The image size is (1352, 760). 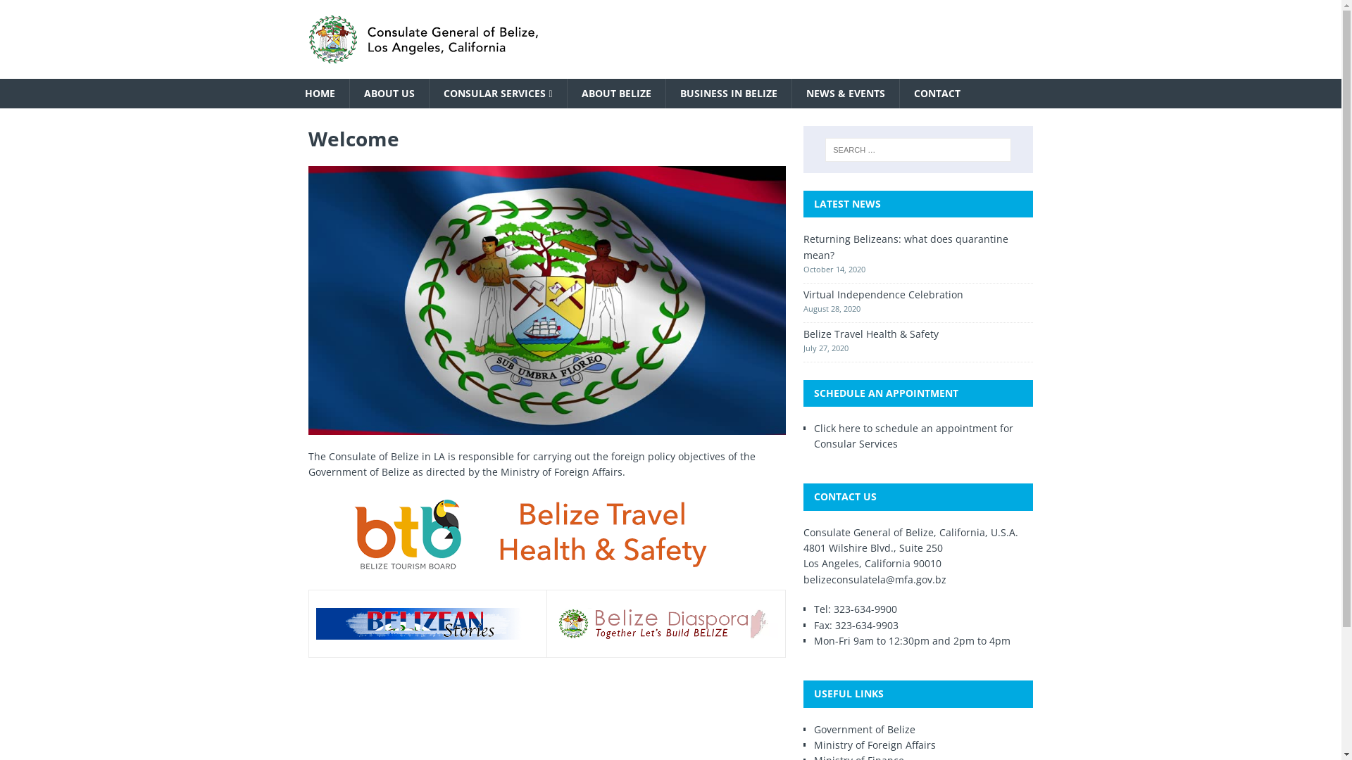 What do you see at coordinates (389, 93) in the screenshot?
I see `'ABOUT US'` at bounding box center [389, 93].